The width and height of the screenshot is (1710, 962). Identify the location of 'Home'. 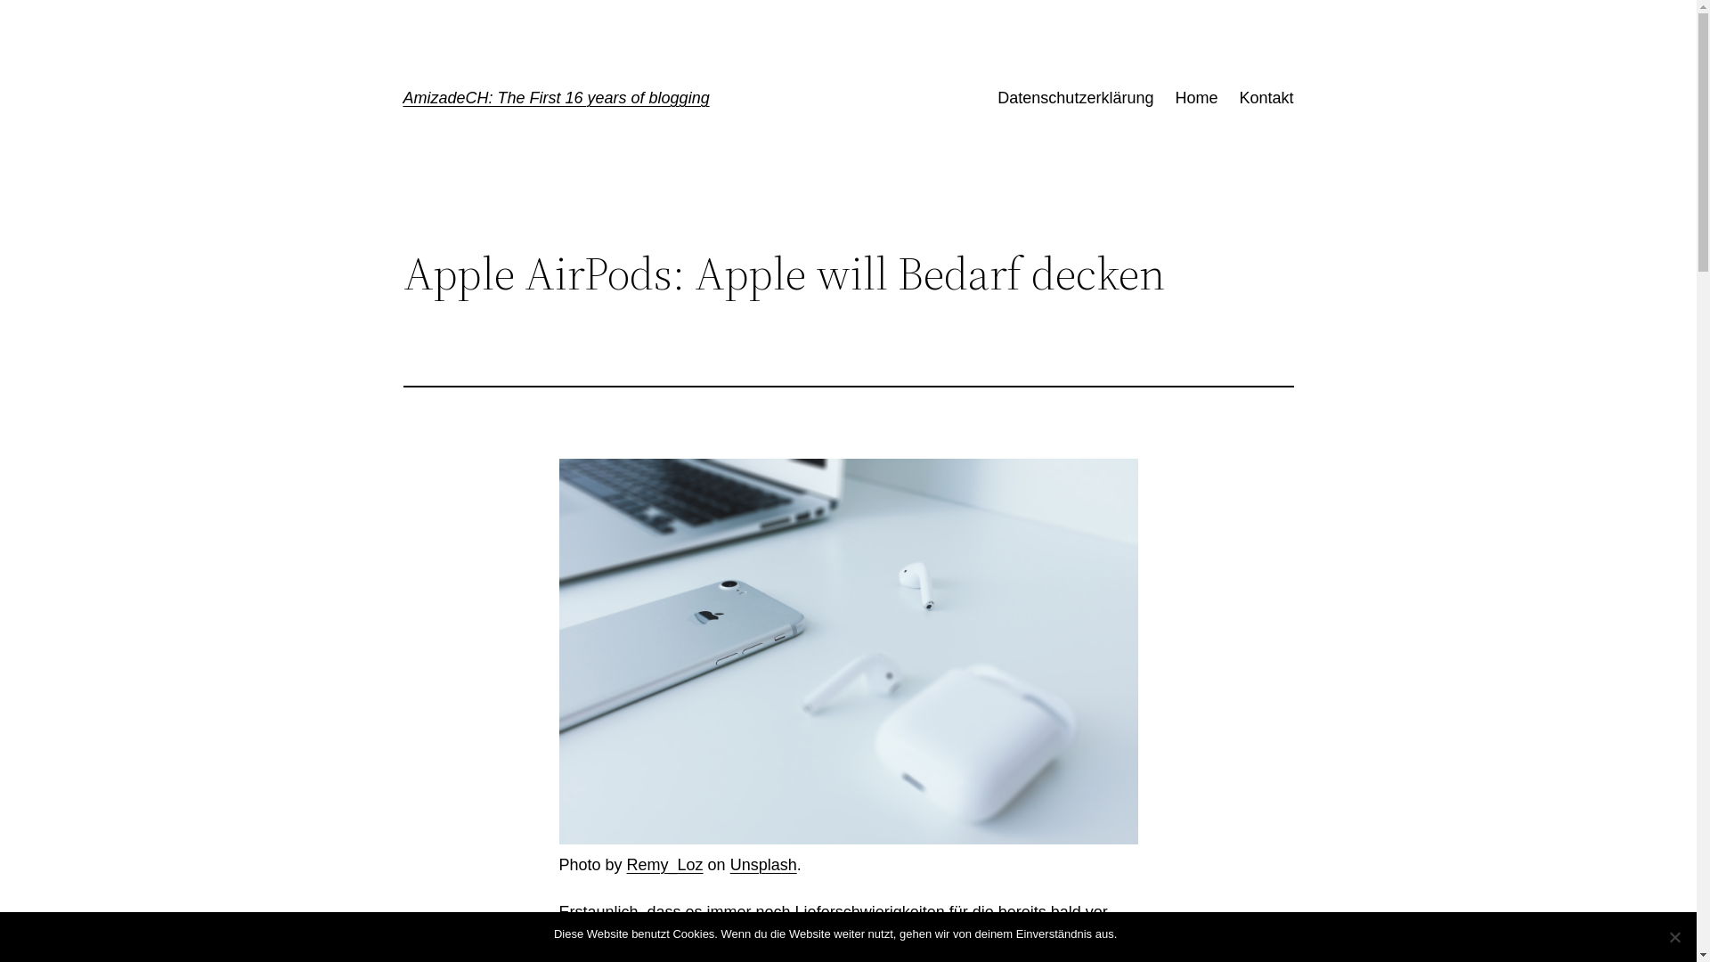
(1196, 98).